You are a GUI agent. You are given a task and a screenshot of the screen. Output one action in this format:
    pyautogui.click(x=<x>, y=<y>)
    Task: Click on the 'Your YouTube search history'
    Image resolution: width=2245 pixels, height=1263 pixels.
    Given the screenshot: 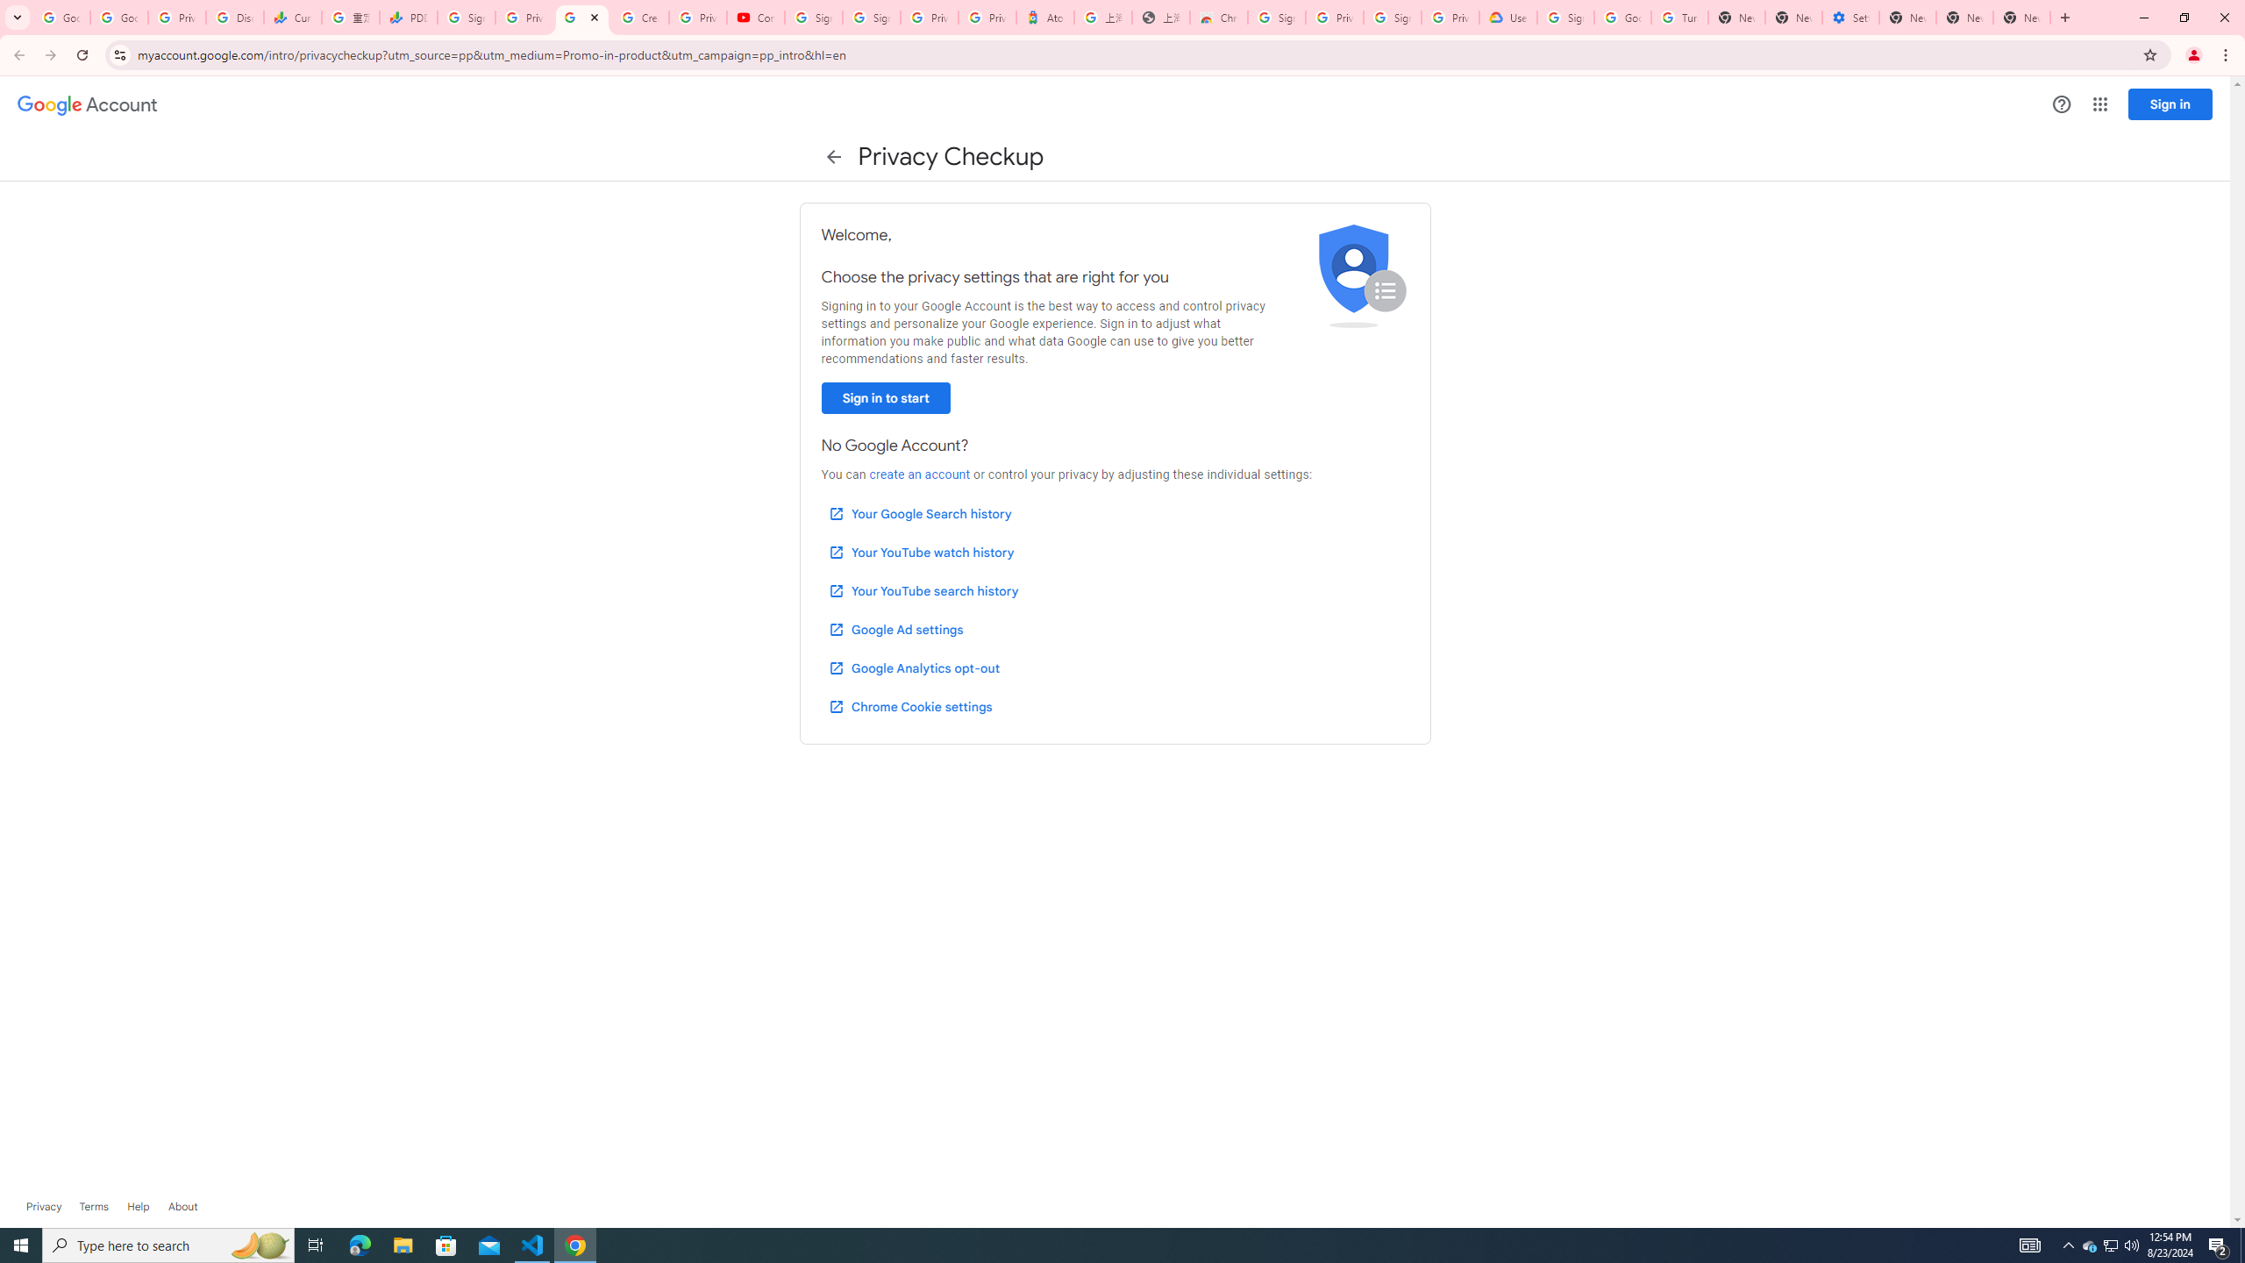 What is the action you would take?
    pyautogui.click(x=923, y=591)
    